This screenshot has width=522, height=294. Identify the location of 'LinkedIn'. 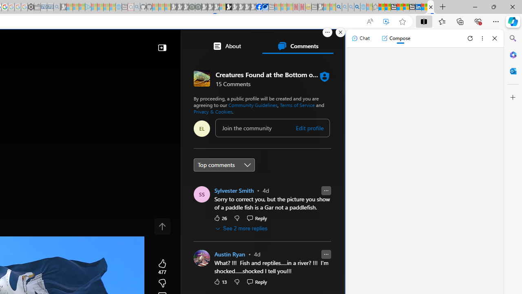
(418, 7).